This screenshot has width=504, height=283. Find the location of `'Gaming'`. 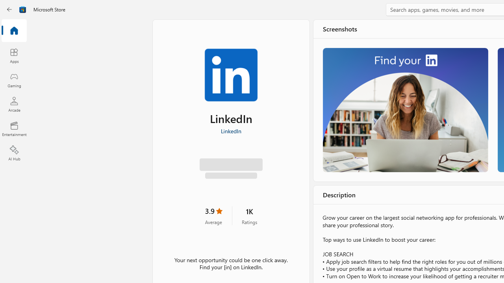

'Gaming' is located at coordinates (14, 80).